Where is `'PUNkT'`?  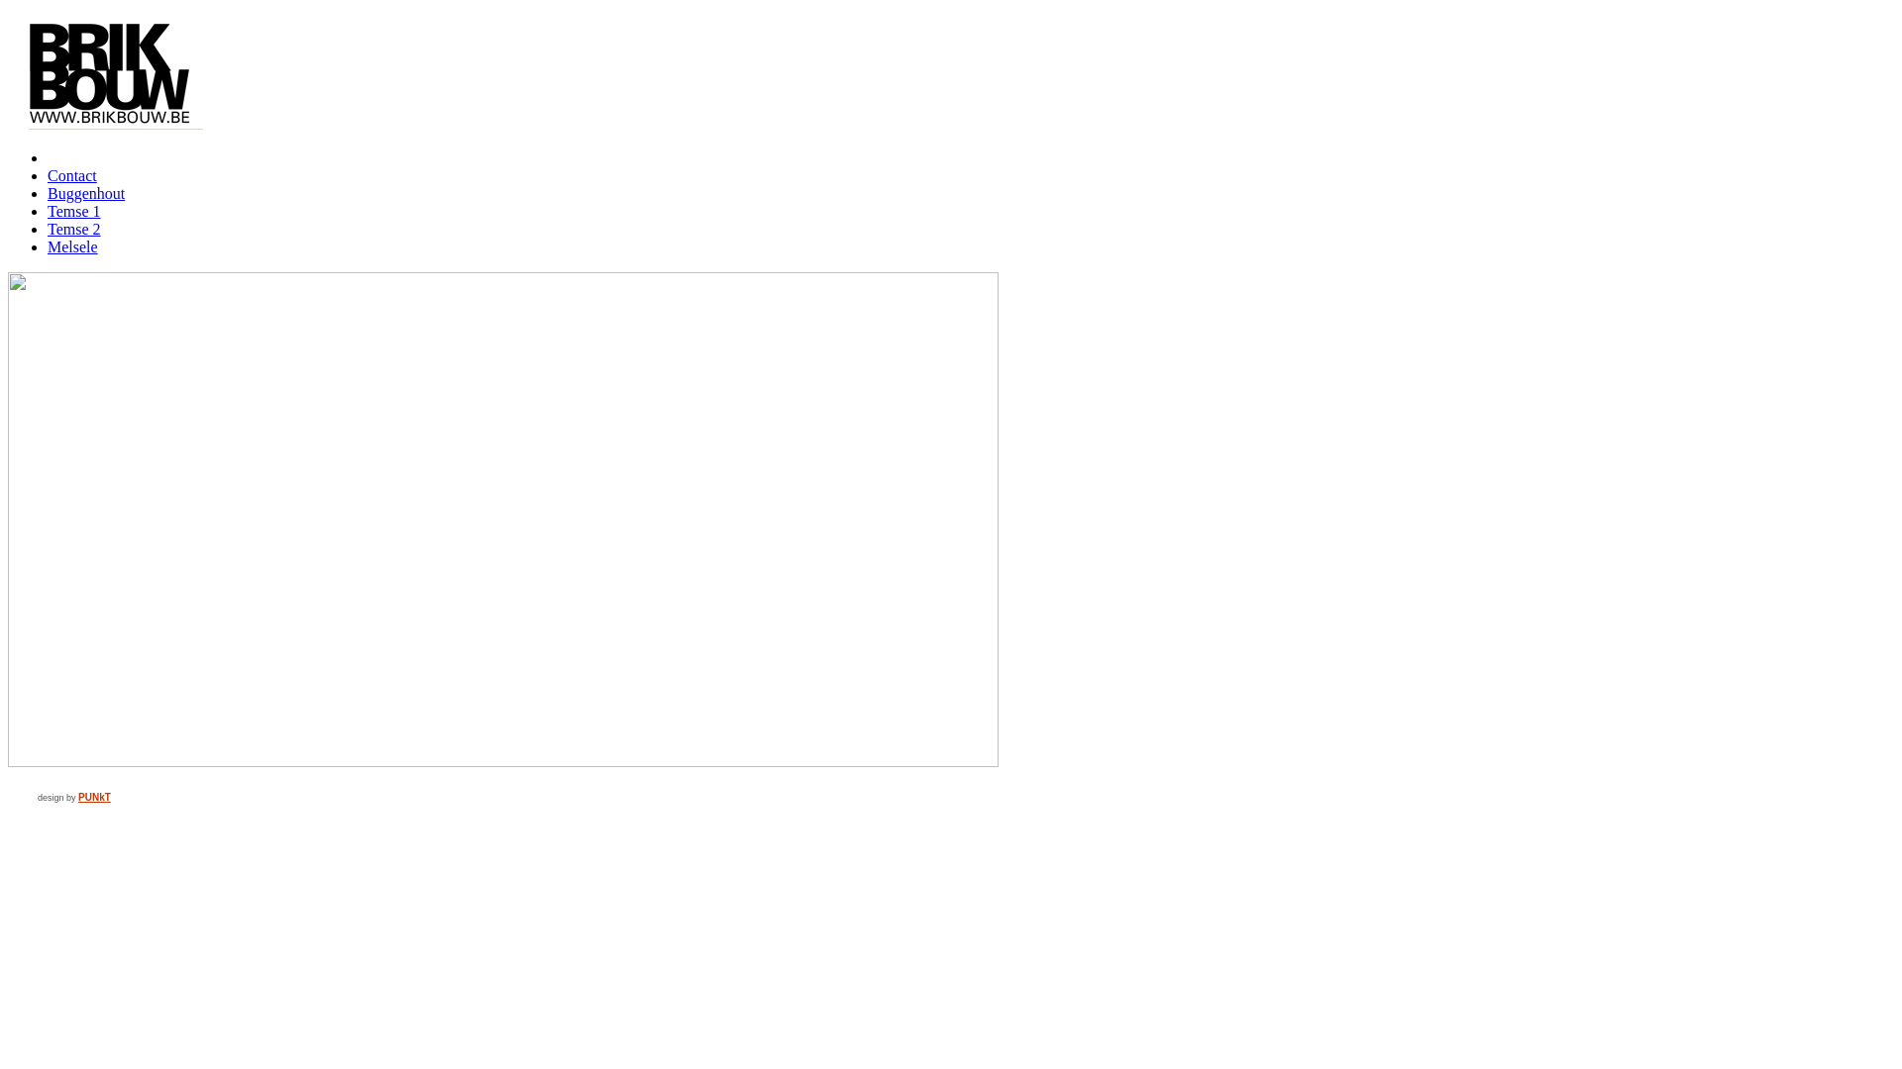 'PUNkT' is located at coordinates (93, 796).